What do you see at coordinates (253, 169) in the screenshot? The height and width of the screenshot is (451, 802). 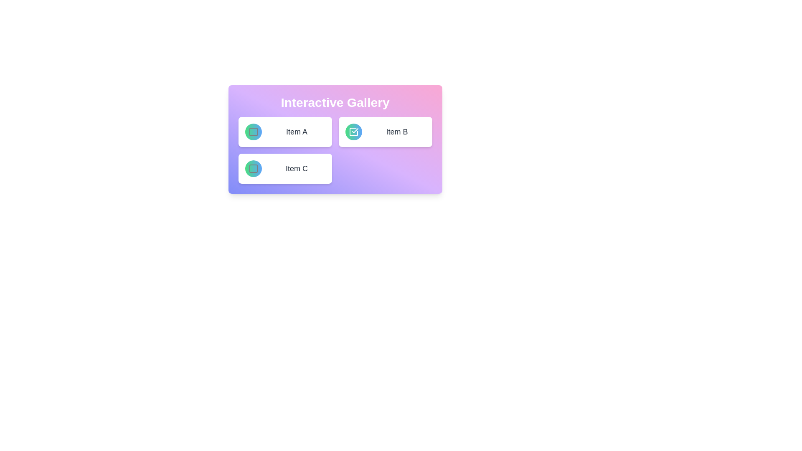 I see `the circular button with a gradient background and a gray outlined square icon, located to the left of the text label 'Item C'` at bounding box center [253, 169].